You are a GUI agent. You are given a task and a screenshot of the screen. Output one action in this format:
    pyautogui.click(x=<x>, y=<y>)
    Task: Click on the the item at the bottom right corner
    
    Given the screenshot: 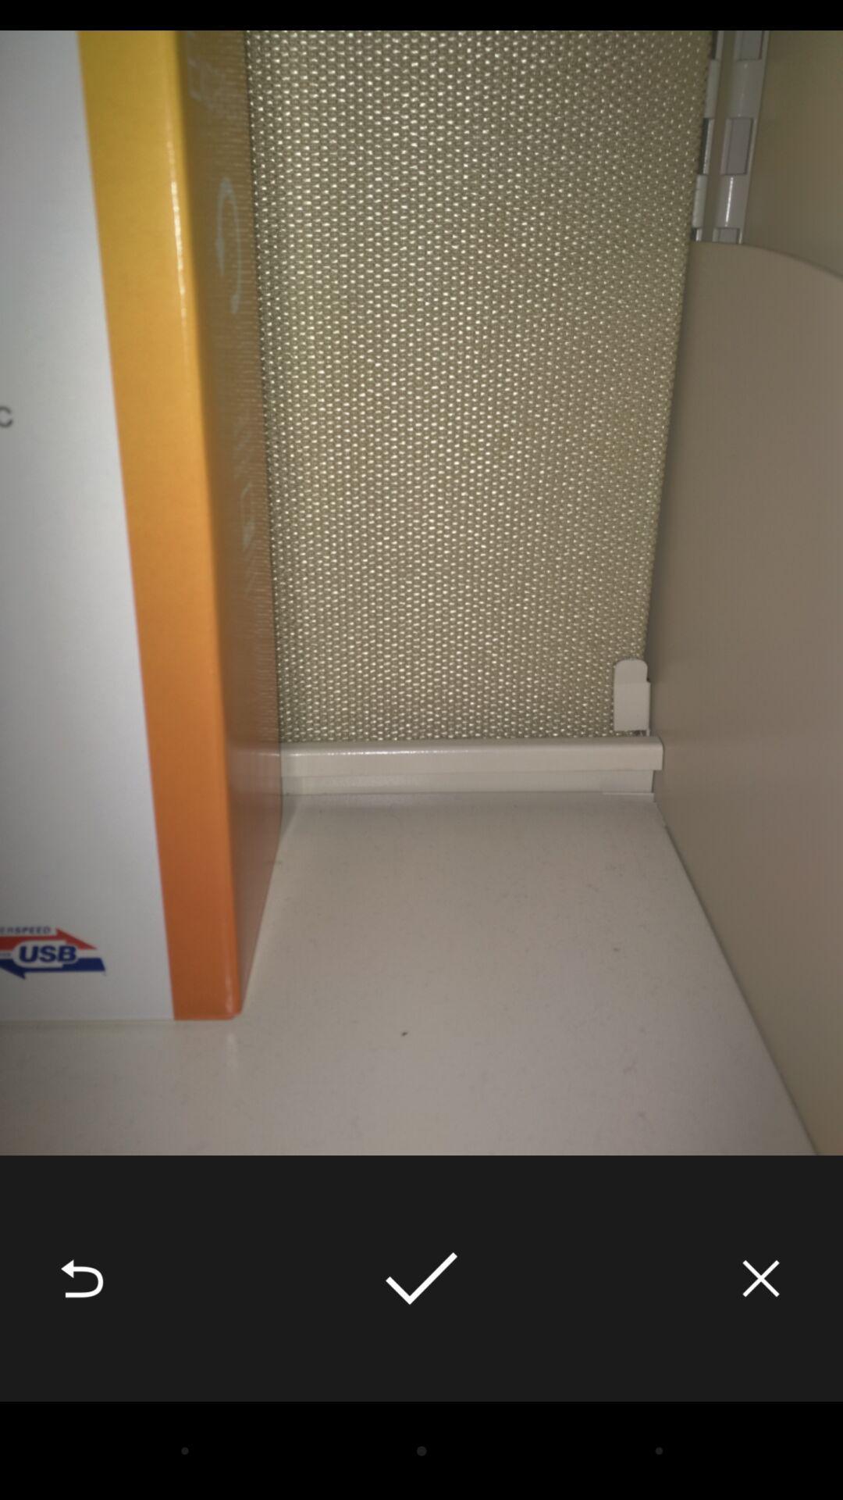 What is the action you would take?
    pyautogui.click(x=760, y=1278)
    